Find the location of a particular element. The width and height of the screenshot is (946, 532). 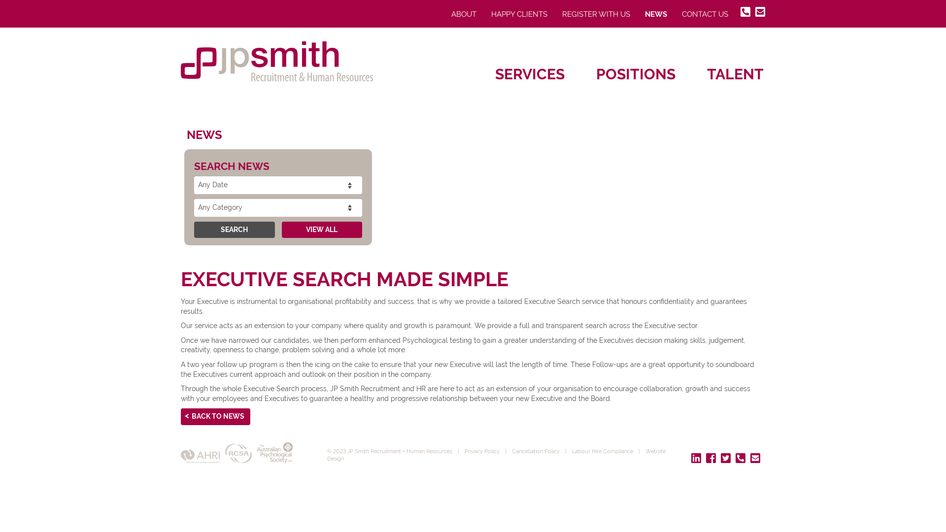

'SERVICES' is located at coordinates (480, 73).